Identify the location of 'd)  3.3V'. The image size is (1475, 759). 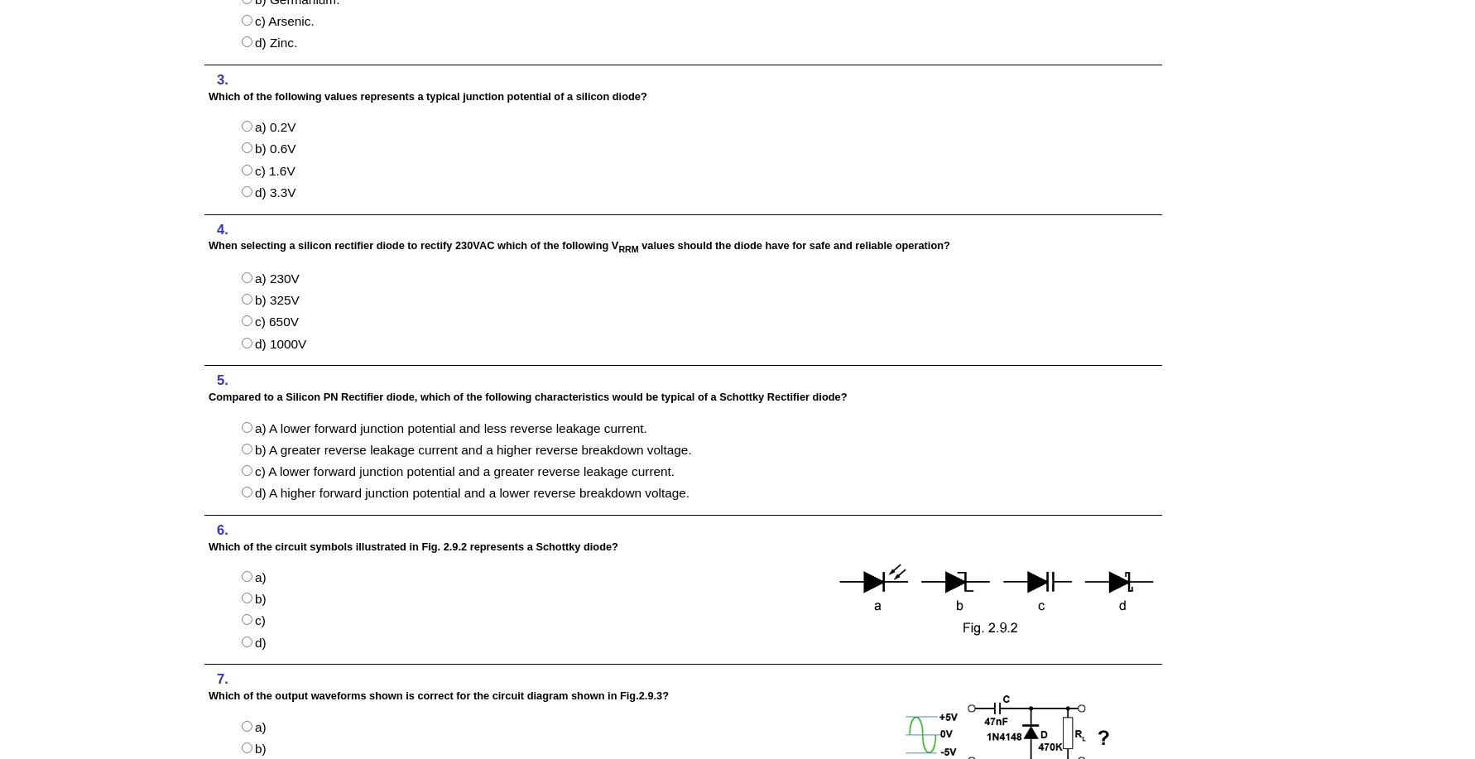
(274, 190).